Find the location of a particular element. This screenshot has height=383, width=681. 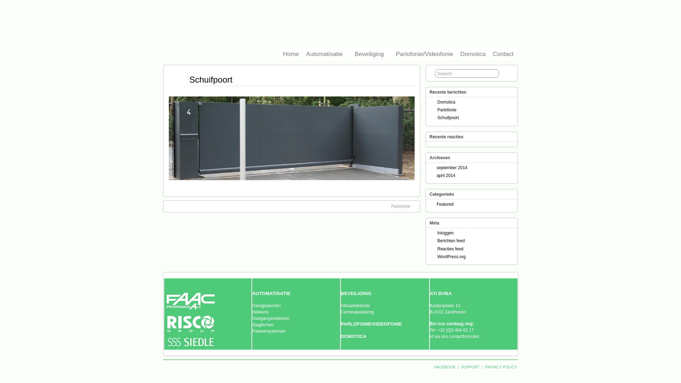

'  Parlofonie' is located at coordinates (404, 206).